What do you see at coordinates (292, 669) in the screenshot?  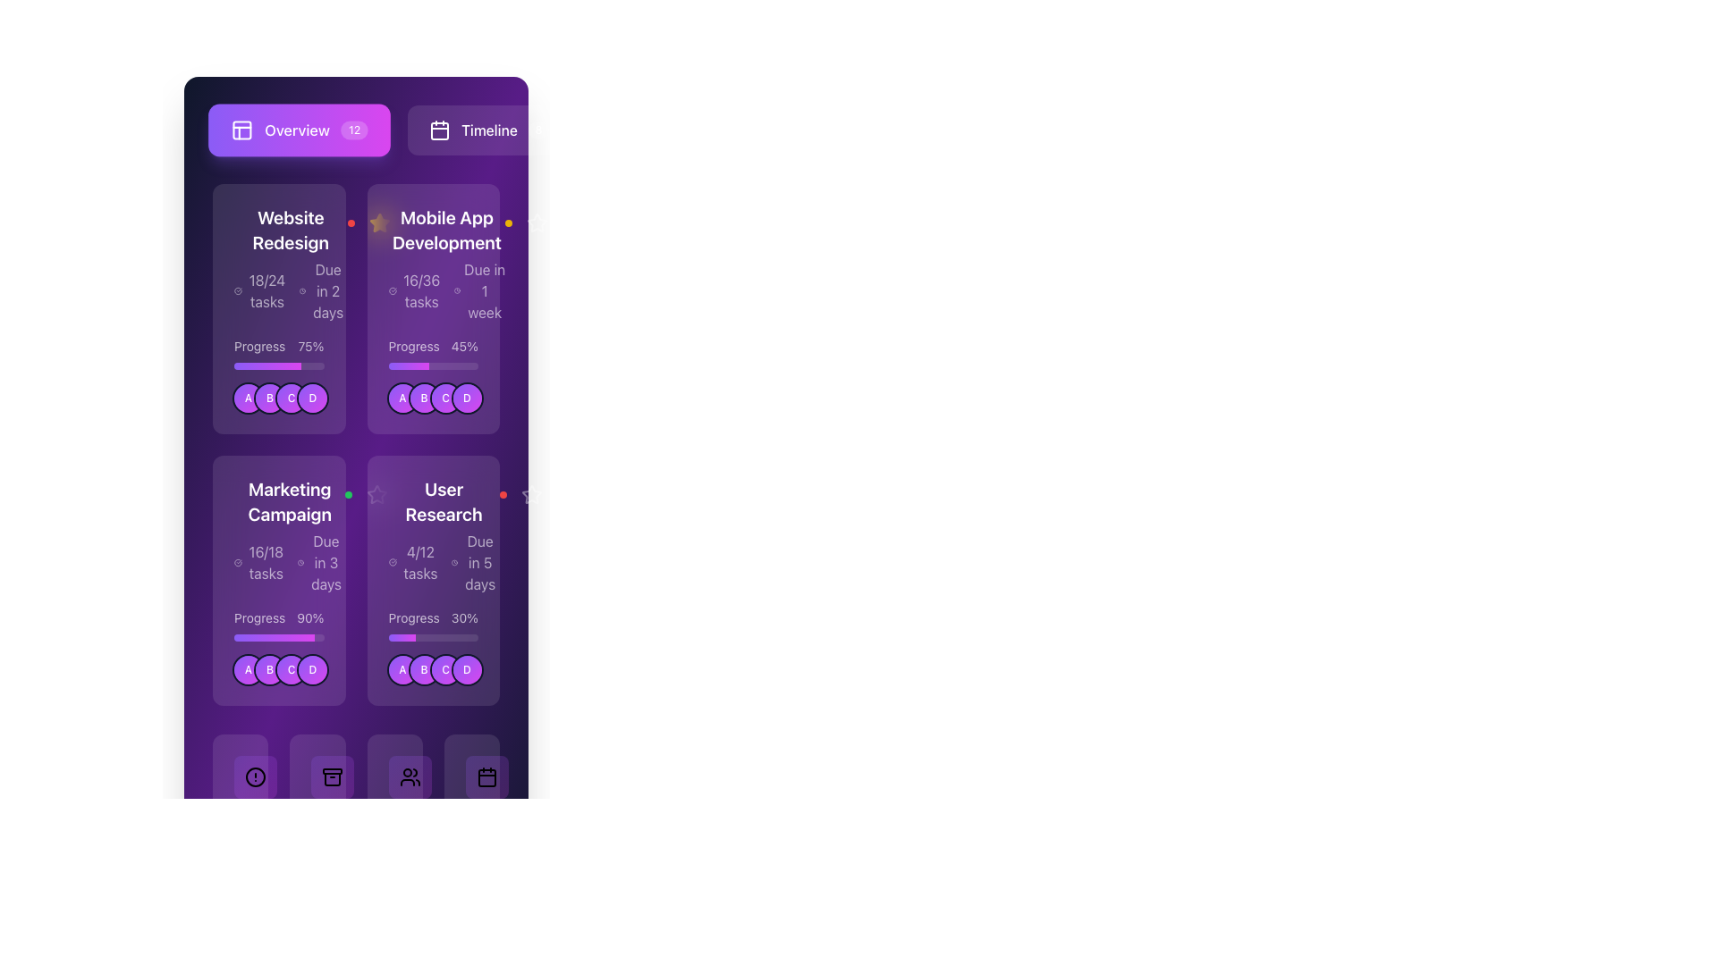 I see `the third circle Badge labeled 'C' in the group of four circles at the bottom of the 'Marketing Campaign' card layout` at bounding box center [292, 669].